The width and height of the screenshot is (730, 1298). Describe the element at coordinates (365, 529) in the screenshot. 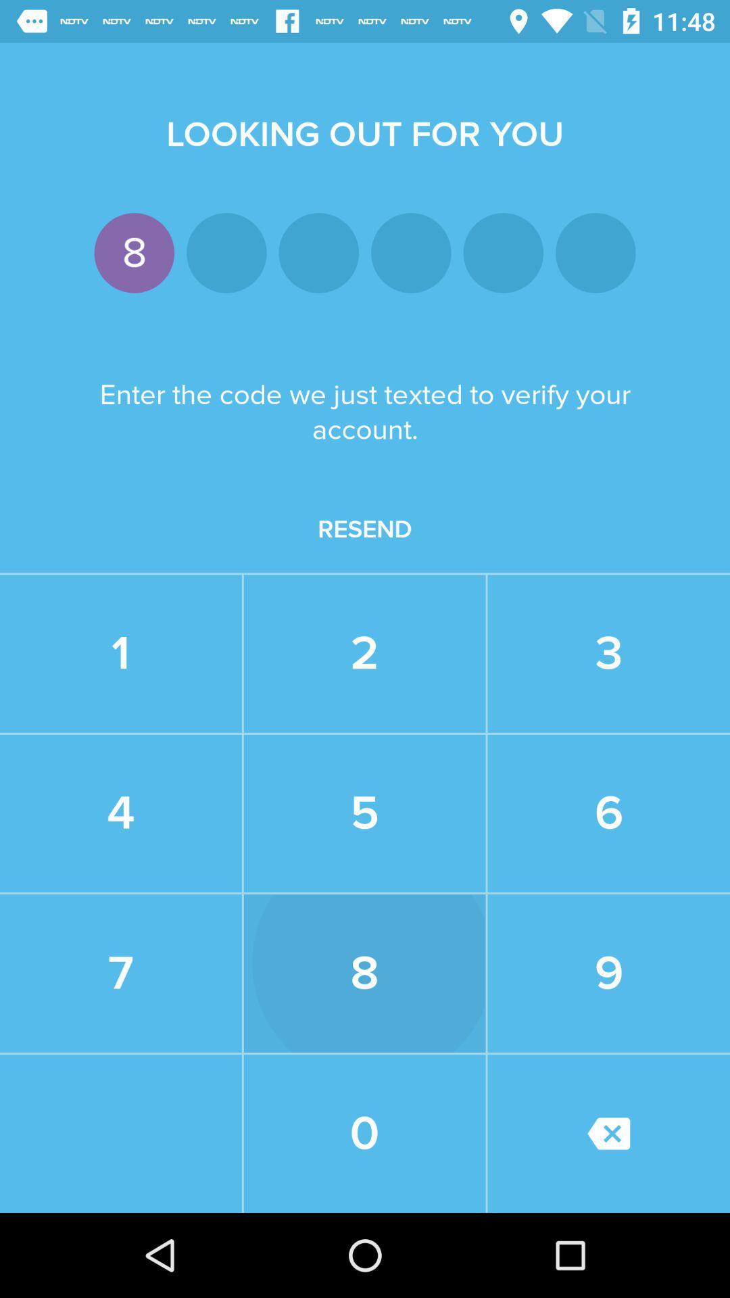

I see `item below enter the code item` at that location.